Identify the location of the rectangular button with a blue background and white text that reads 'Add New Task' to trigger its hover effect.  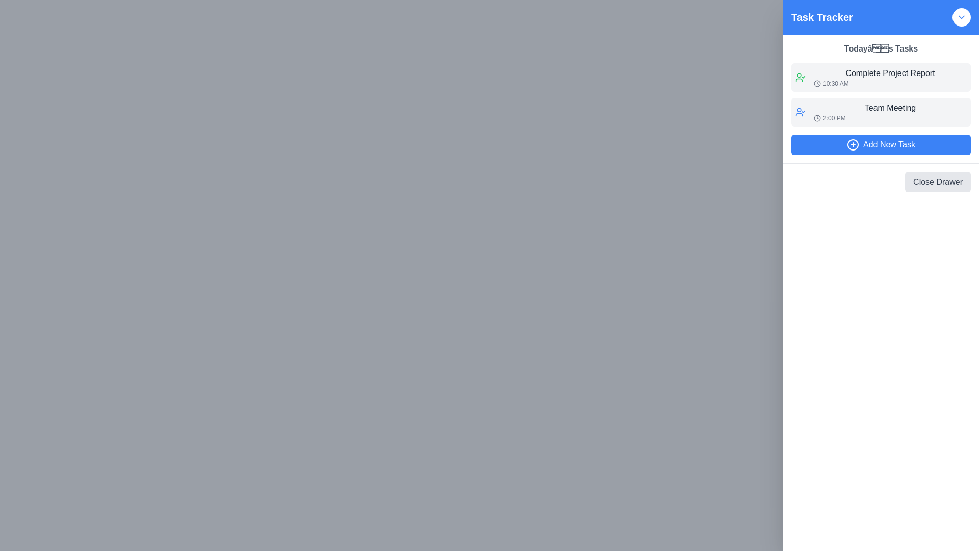
(881, 145).